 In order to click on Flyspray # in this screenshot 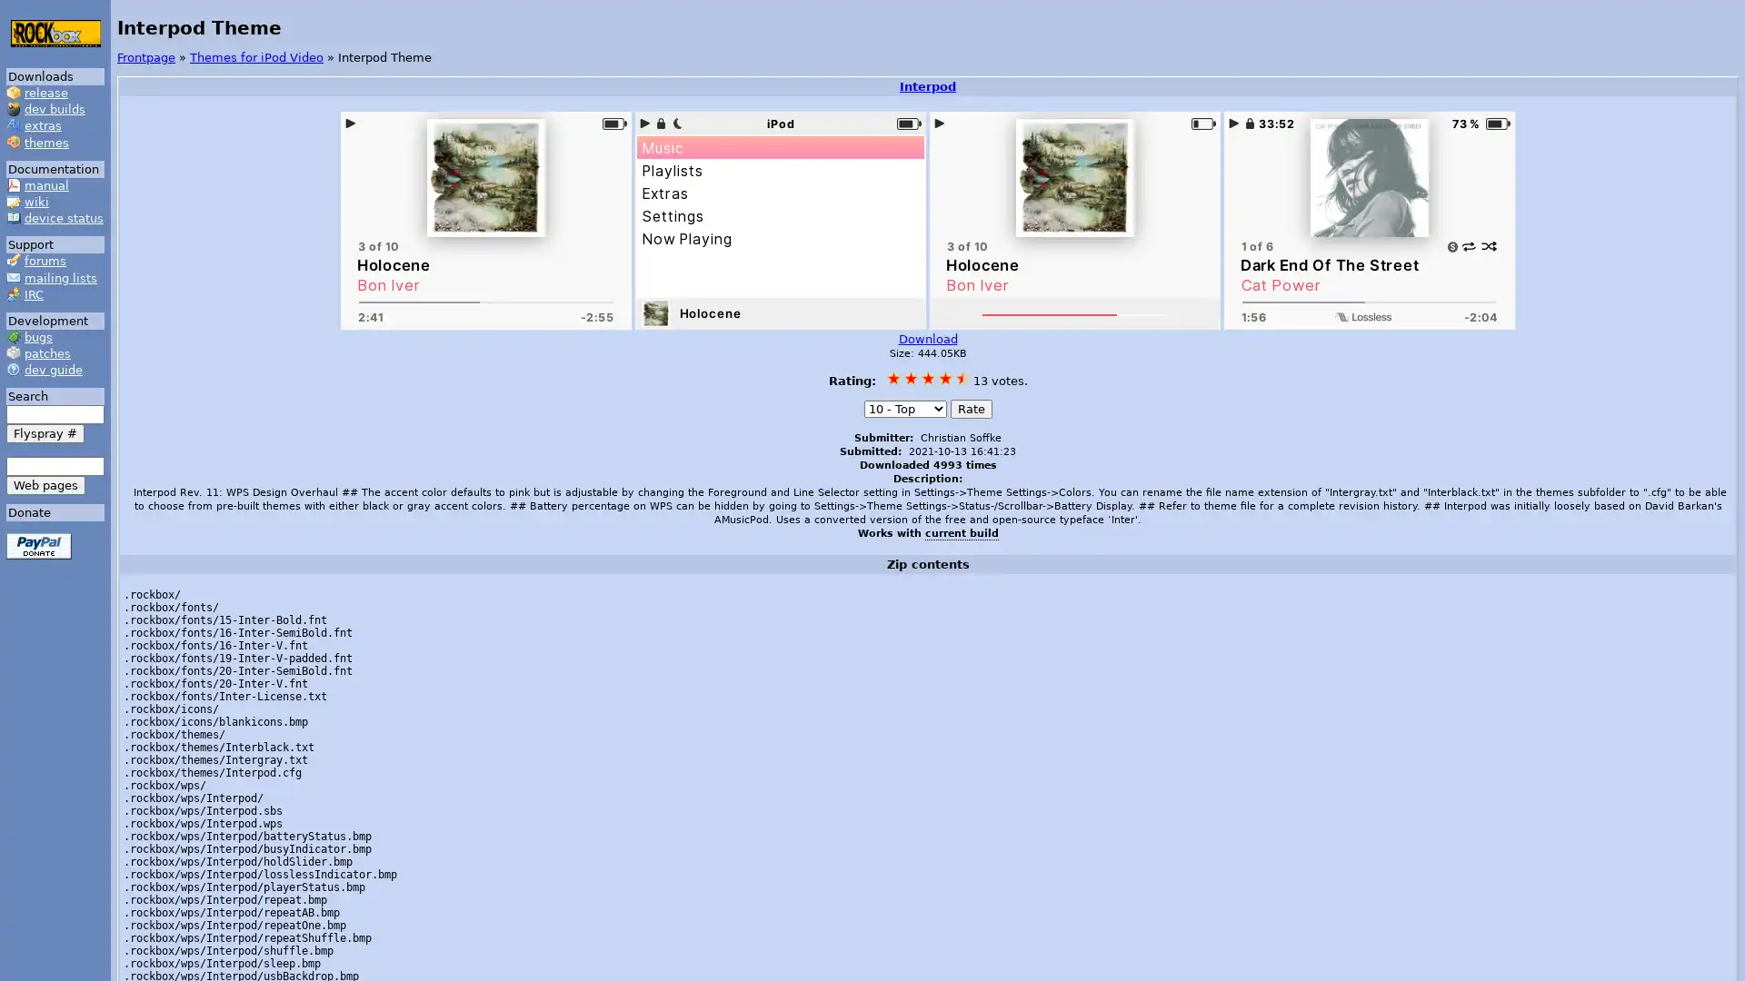, I will do `click(45, 433)`.